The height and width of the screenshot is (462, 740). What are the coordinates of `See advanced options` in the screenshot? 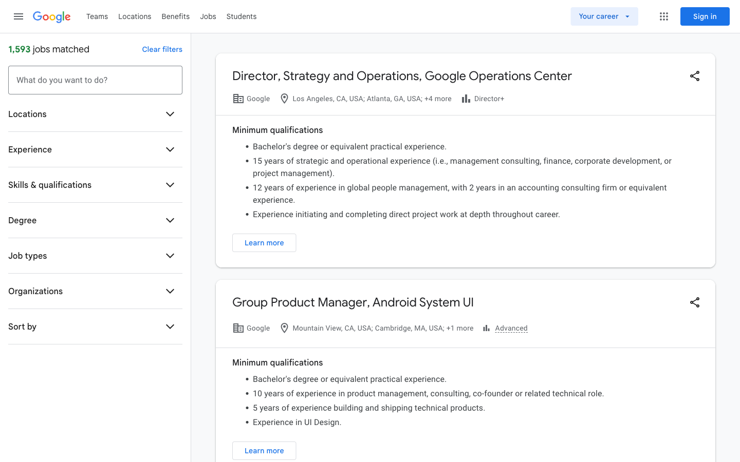 It's located at (504, 328).